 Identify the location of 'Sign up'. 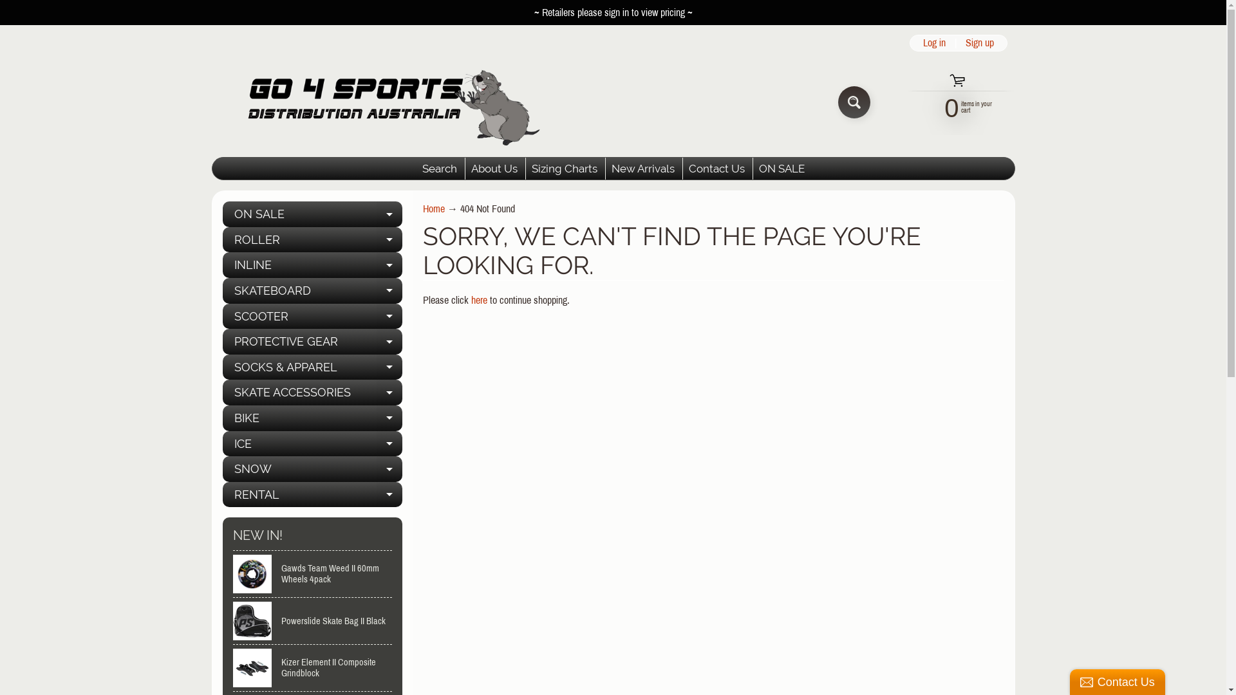
(979, 42).